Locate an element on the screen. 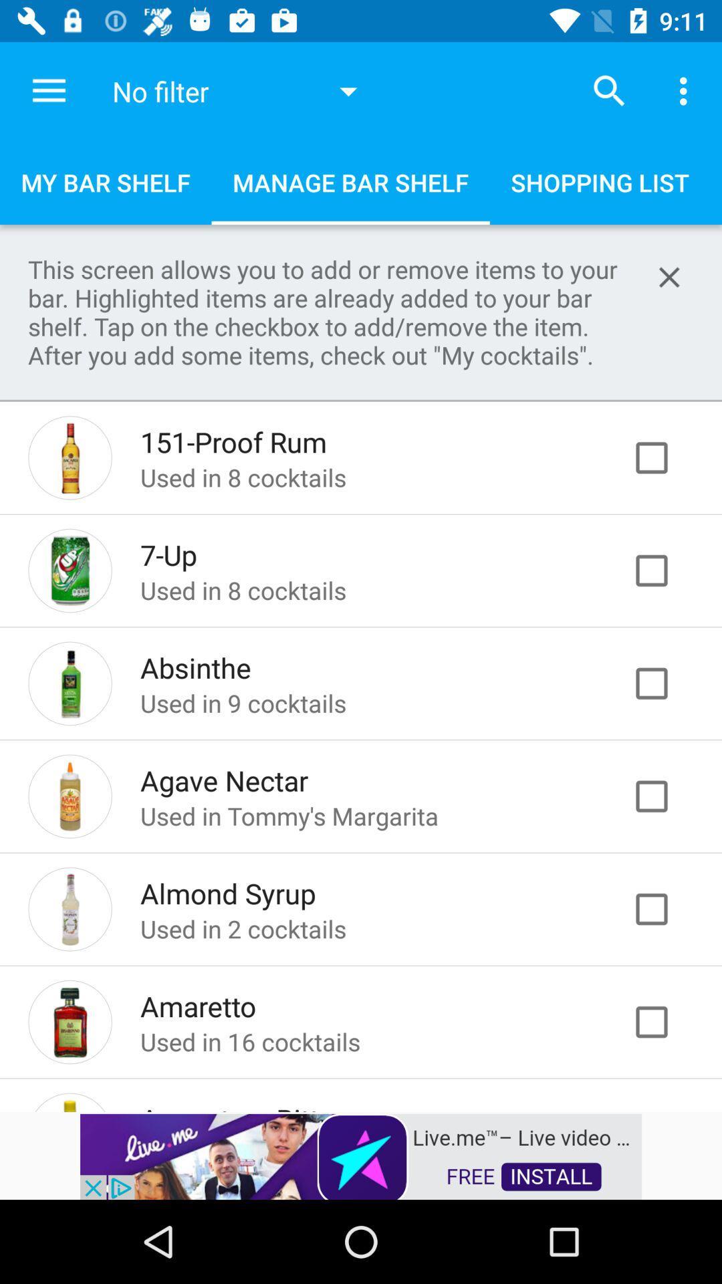  clik is located at coordinates (665, 570).